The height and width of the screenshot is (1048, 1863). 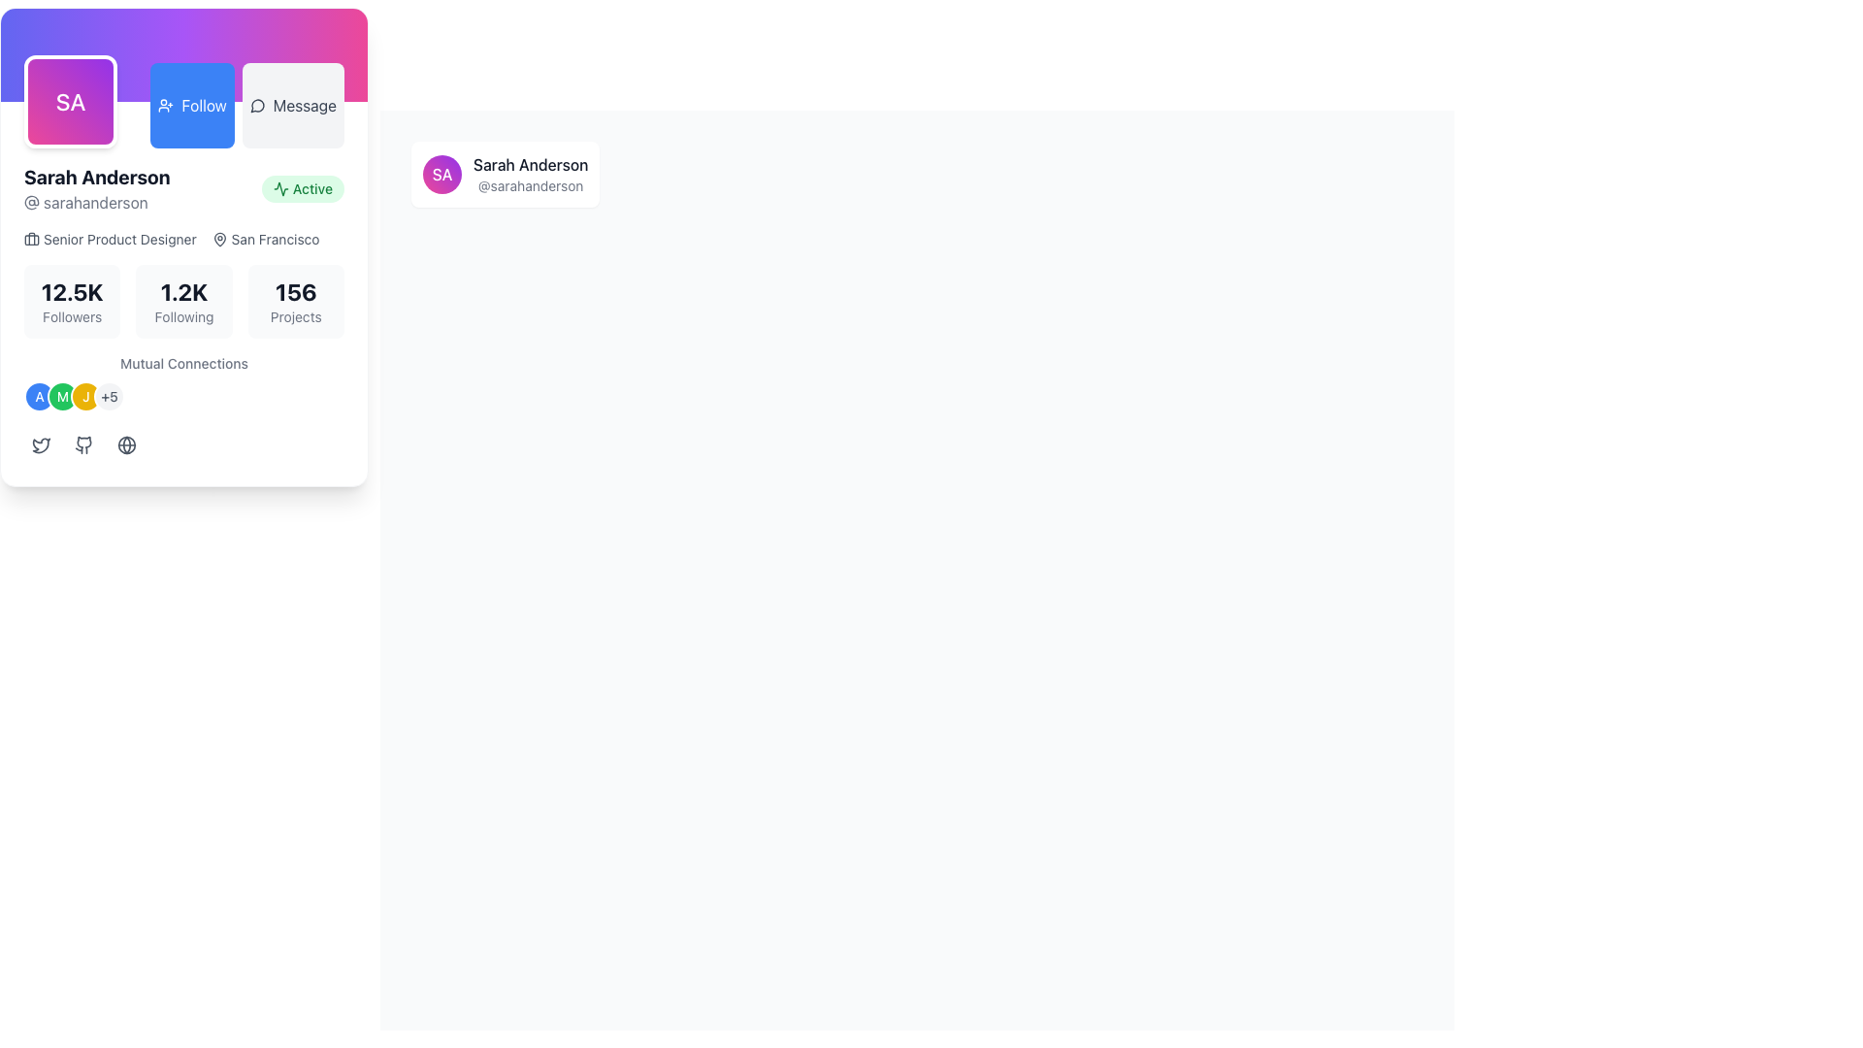 I want to click on the Twitter icon located in the bottom-left area of the profile card interface, which is part of a row of social media icons, so click(x=42, y=445).